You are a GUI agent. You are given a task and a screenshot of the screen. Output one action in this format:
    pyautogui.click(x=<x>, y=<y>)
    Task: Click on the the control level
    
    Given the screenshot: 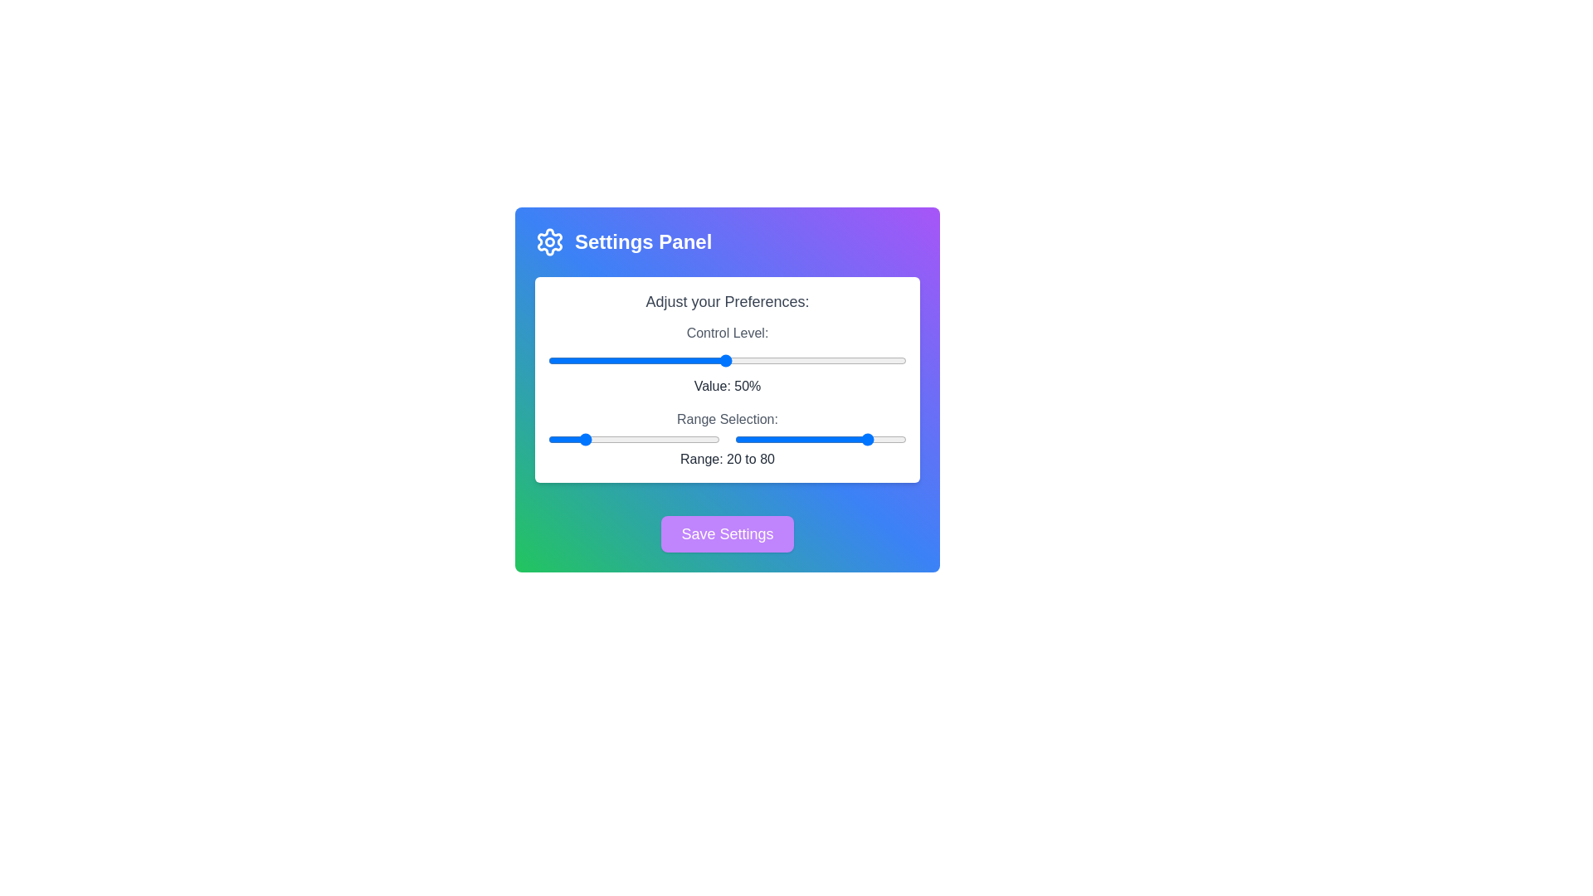 What is the action you would take?
    pyautogui.click(x=638, y=360)
    